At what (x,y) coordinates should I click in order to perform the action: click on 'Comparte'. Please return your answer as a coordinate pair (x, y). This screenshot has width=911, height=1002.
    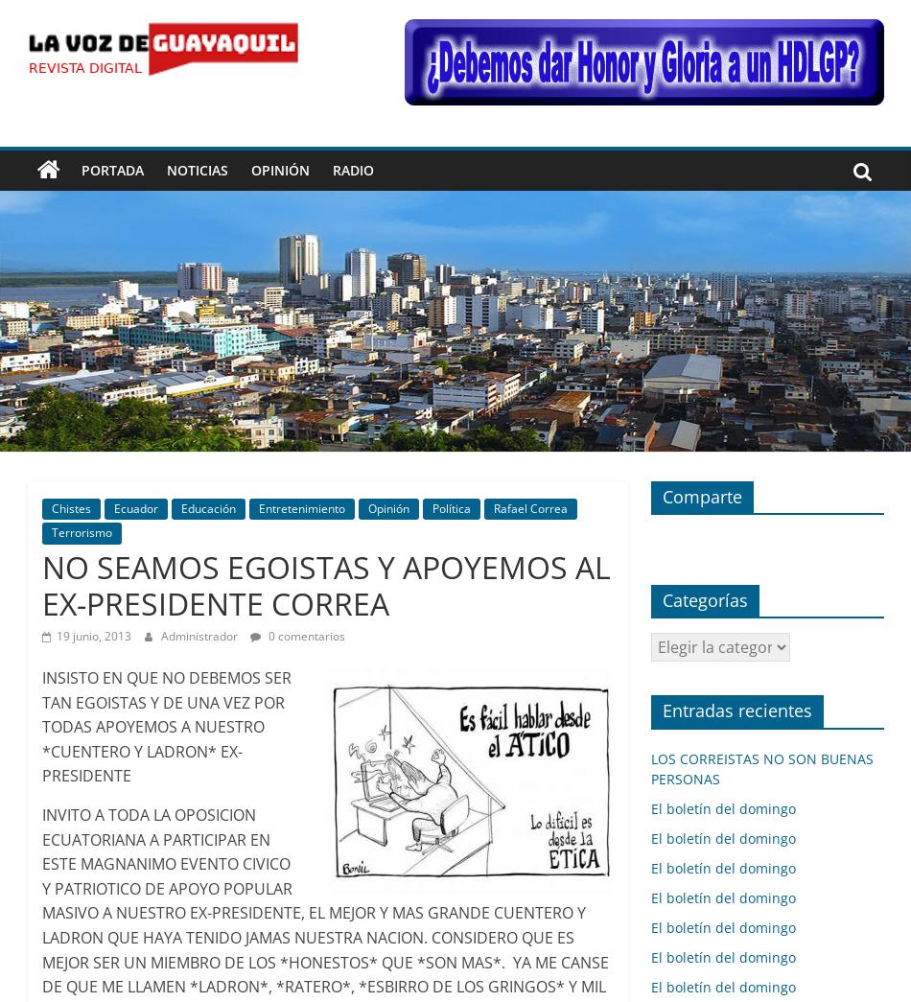
    Looking at the image, I should click on (700, 494).